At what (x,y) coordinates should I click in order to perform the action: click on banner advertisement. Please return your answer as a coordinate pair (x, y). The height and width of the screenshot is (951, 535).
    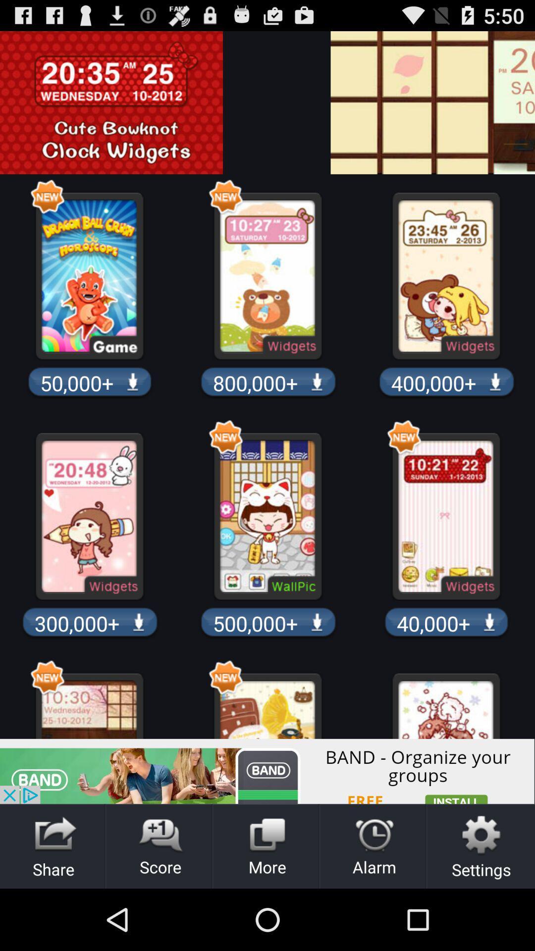
    Looking at the image, I should click on (267, 771).